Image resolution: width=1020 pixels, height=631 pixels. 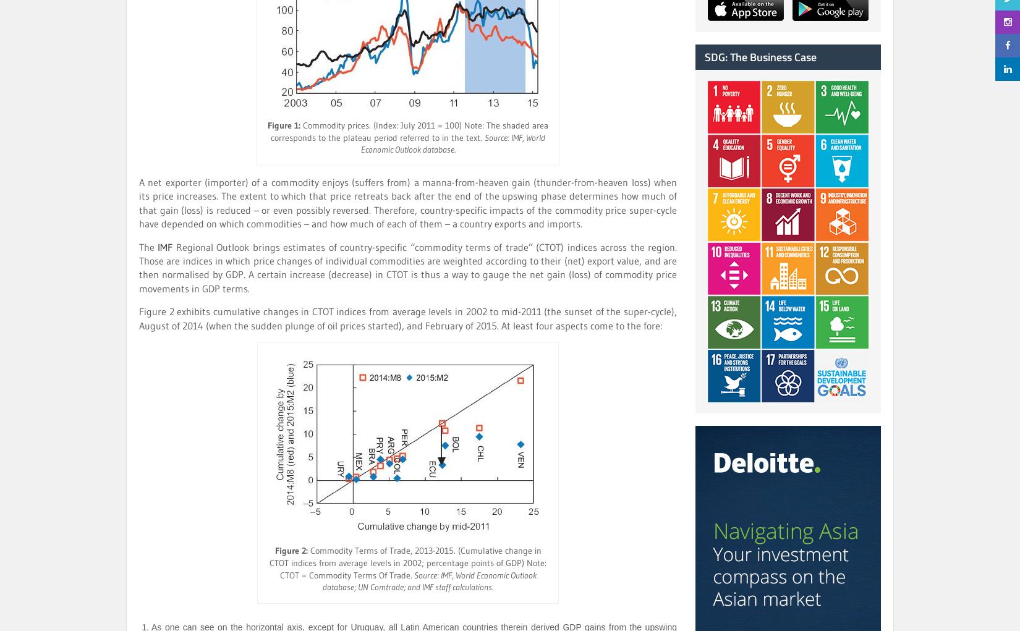 What do you see at coordinates (428, 581) in the screenshot?
I see `'Source: IMF, World Economic Outlook database; UN Comtrade; and IMF staff calculations.'` at bounding box center [428, 581].